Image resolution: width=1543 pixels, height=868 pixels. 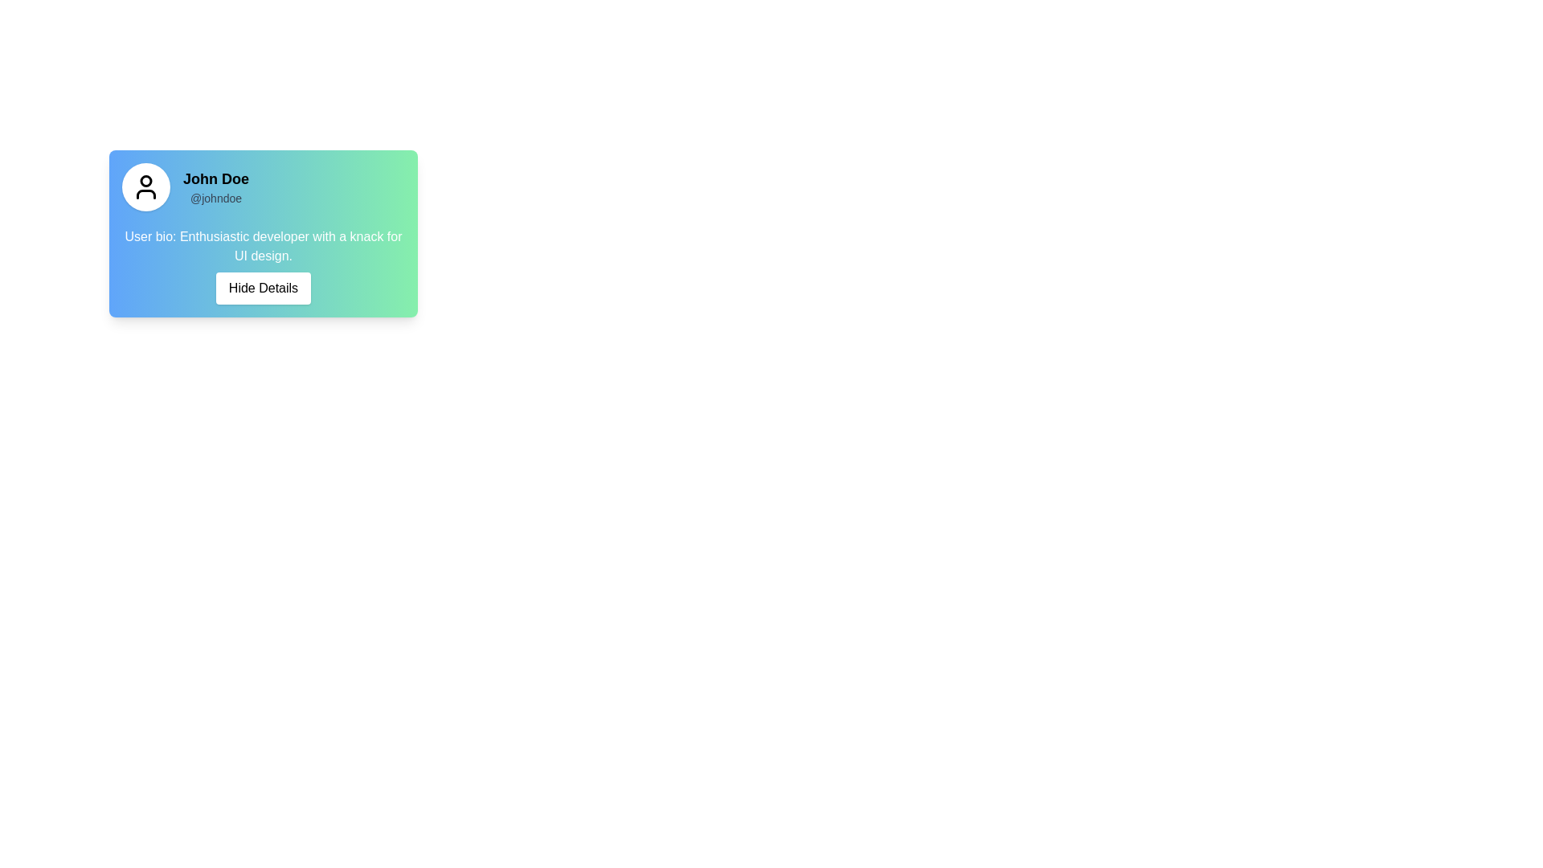 I want to click on the text block containing the header 'John Doe' and subheader '@johndoe', which is located to the right of the avatar image on a gradient background, so click(x=215, y=186).